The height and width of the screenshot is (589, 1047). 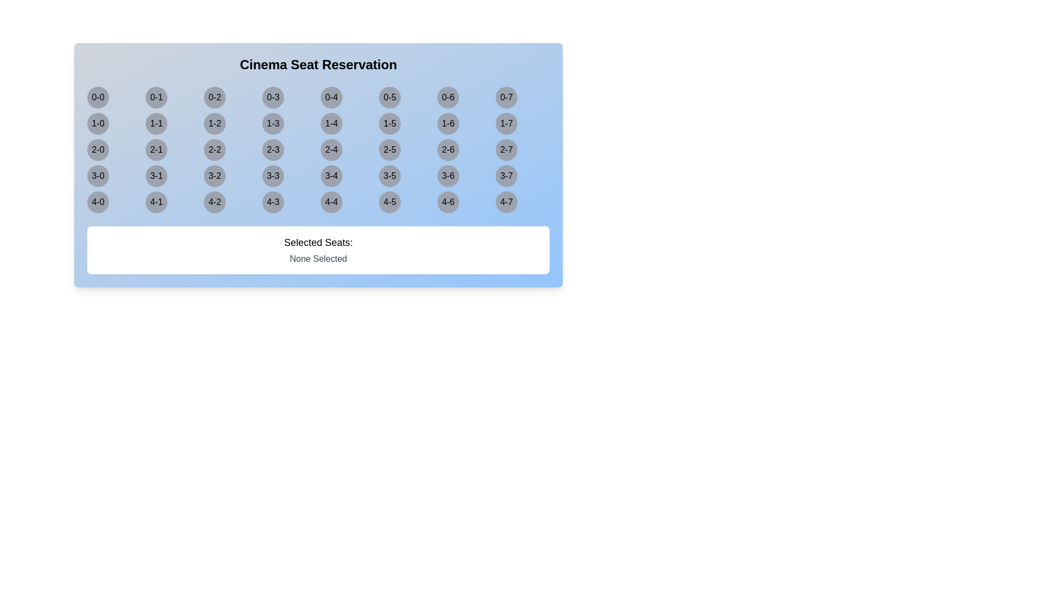 What do you see at coordinates (506, 202) in the screenshot?
I see `the seat selection indicator button located in the last row and last column of the grid layout` at bounding box center [506, 202].